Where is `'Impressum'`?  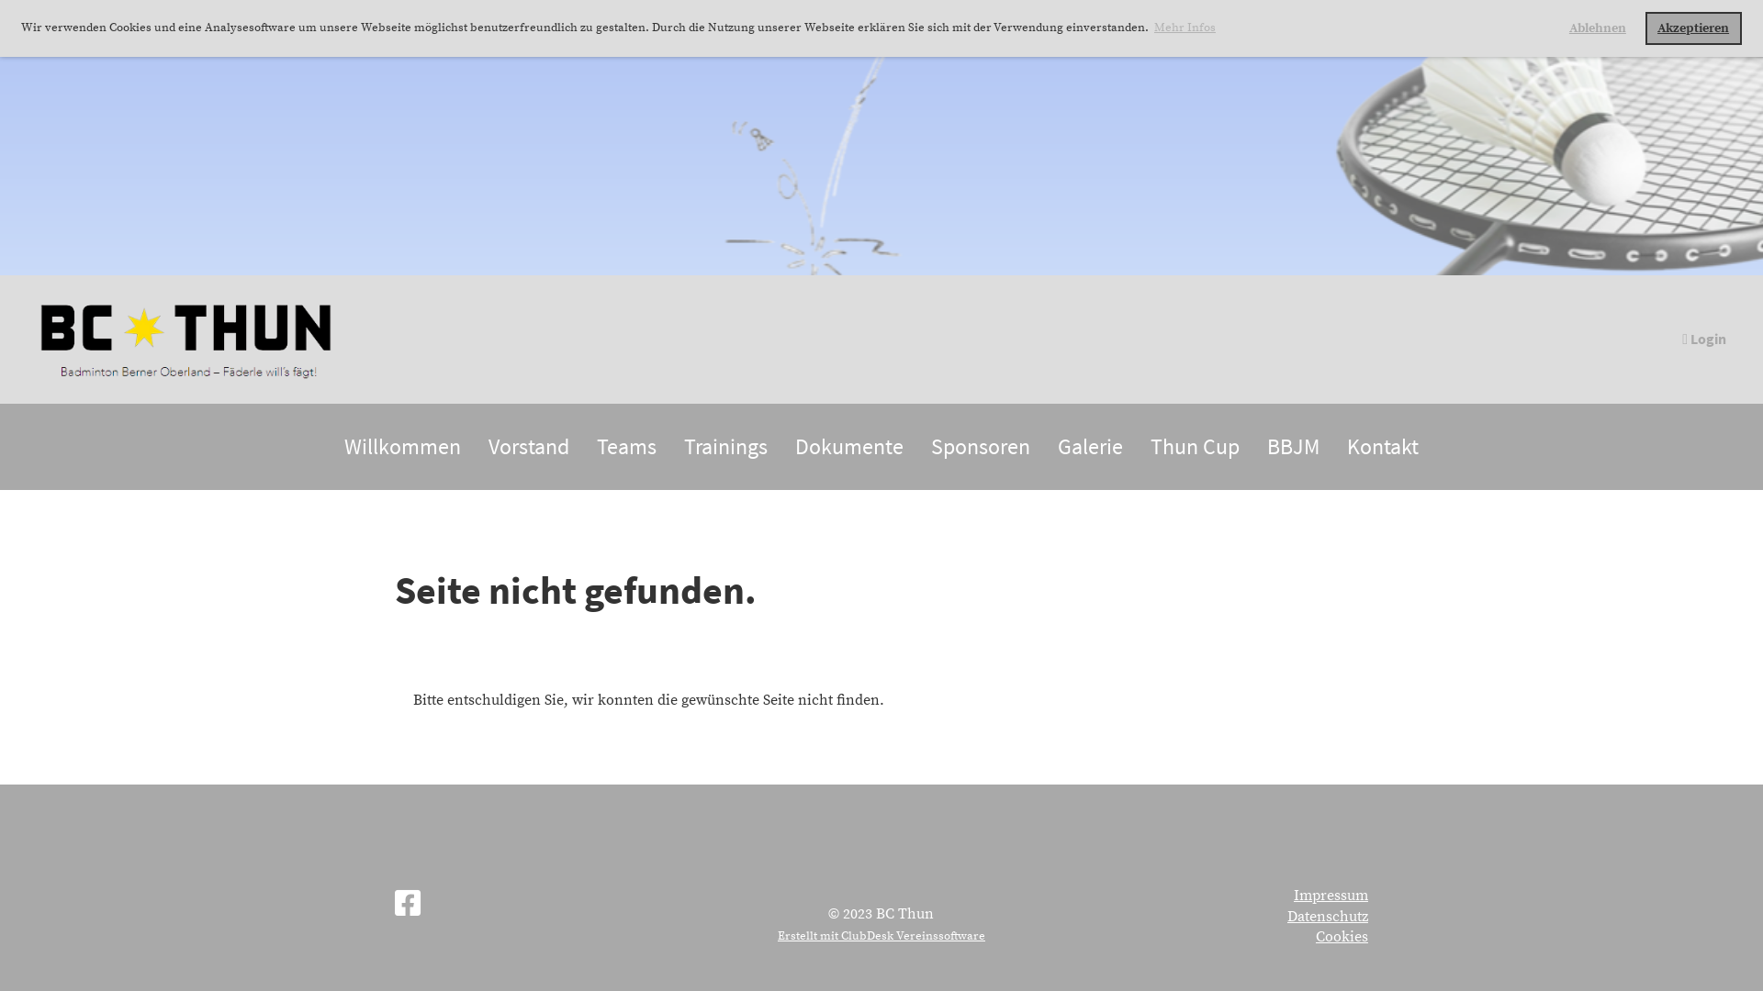 'Impressum' is located at coordinates (1293, 894).